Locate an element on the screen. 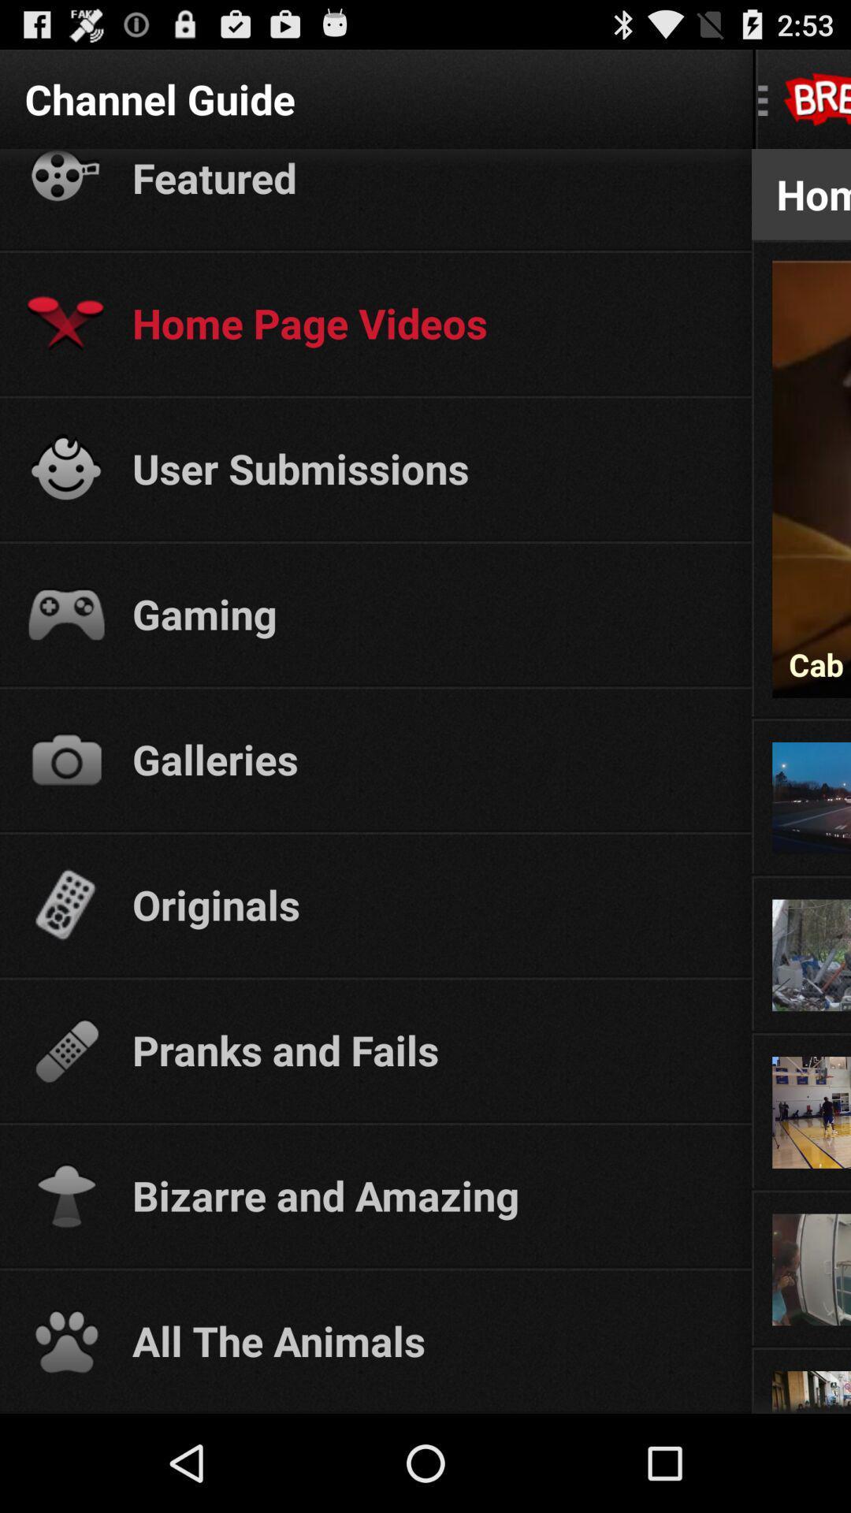  the item to the right of all the animals icon is located at coordinates (801, 1345).